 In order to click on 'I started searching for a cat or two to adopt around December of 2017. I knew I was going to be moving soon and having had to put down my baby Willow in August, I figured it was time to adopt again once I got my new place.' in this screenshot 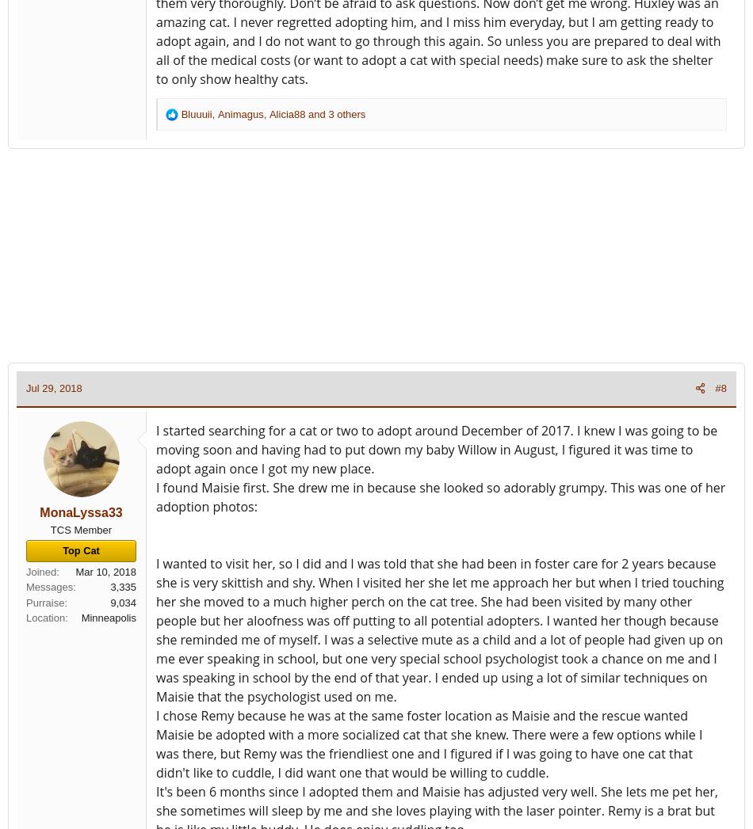, I will do `click(156, 448)`.